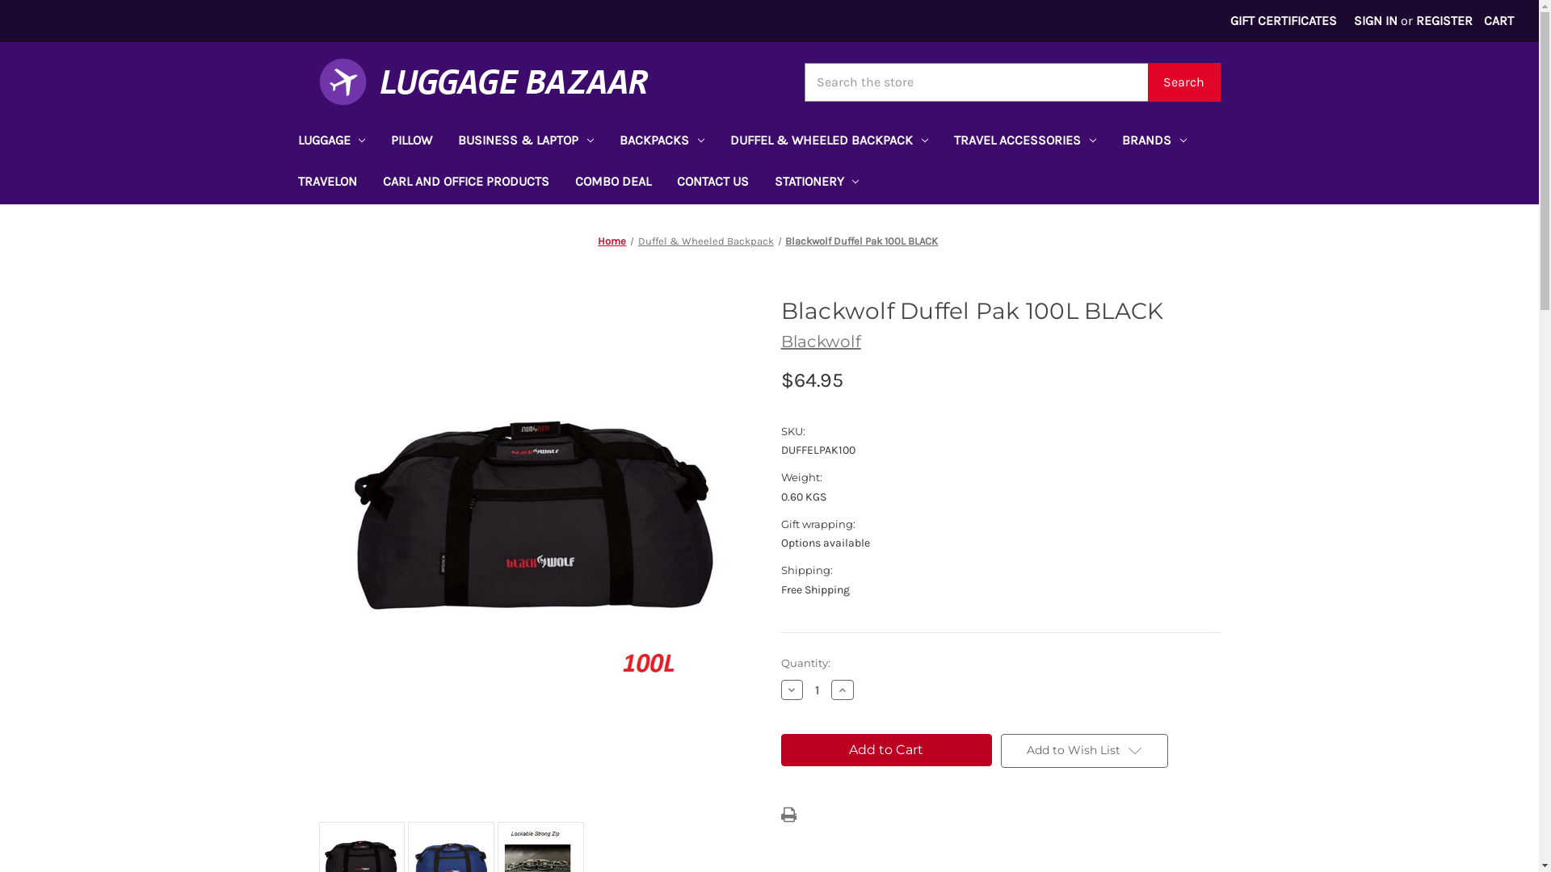  Describe the element at coordinates (1474, 21) in the screenshot. I see `'CART'` at that location.